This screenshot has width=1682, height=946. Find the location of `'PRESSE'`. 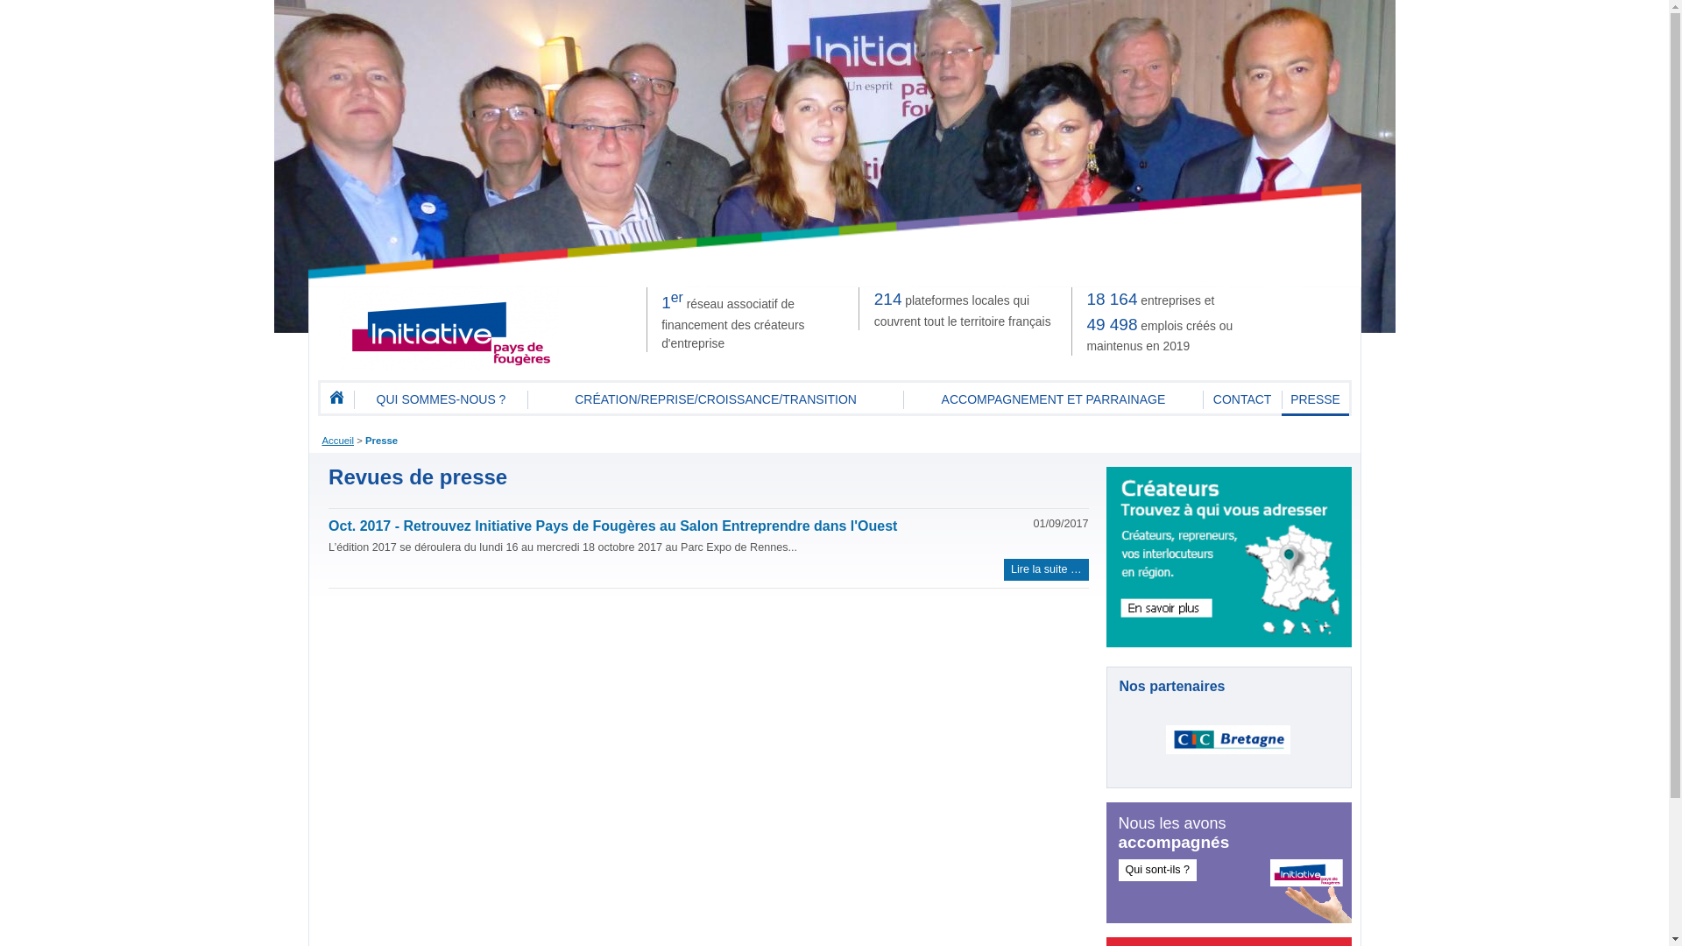

'PRESSE' is located at coordinates (1315, 399).